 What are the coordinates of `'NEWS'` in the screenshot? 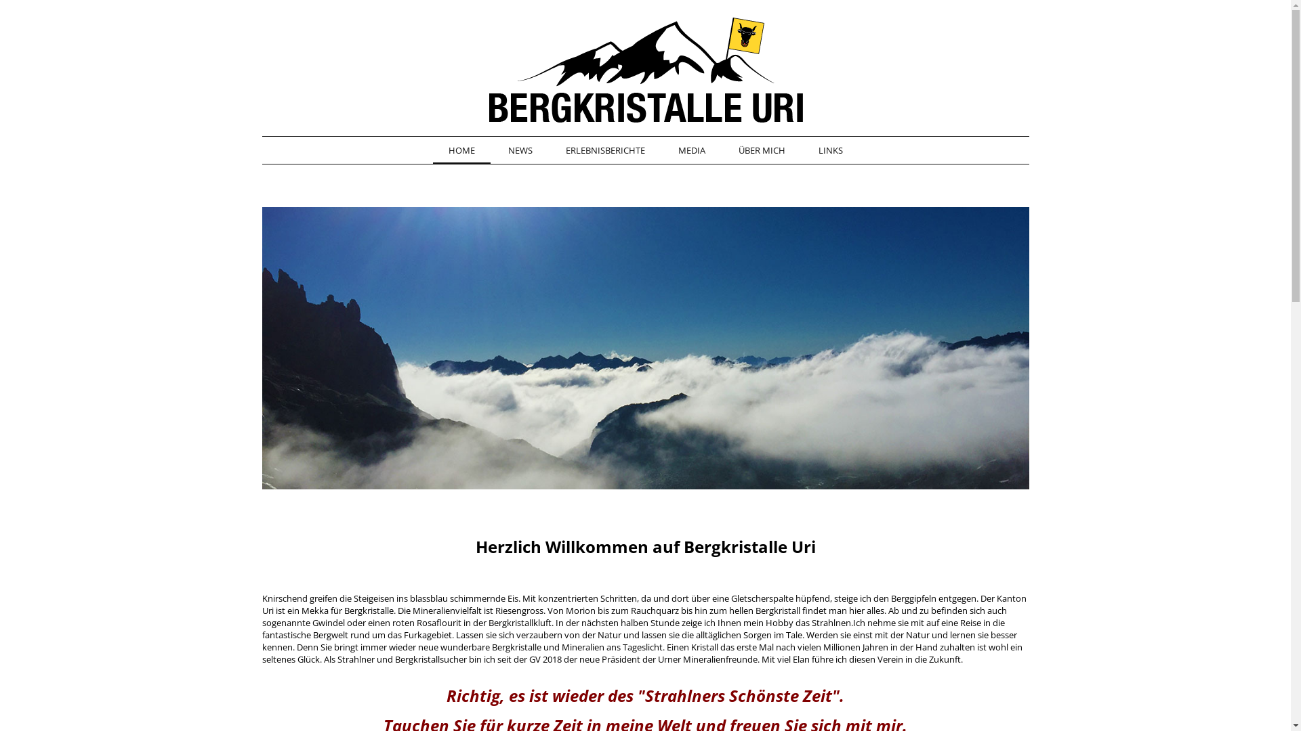 It's located at (519, 151).